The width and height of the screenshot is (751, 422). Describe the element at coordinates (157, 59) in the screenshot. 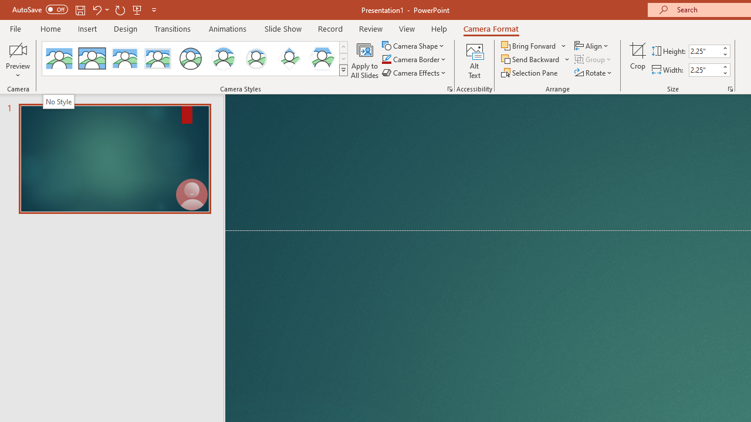

I see `'Soft Edge Rectangle'` at that location.